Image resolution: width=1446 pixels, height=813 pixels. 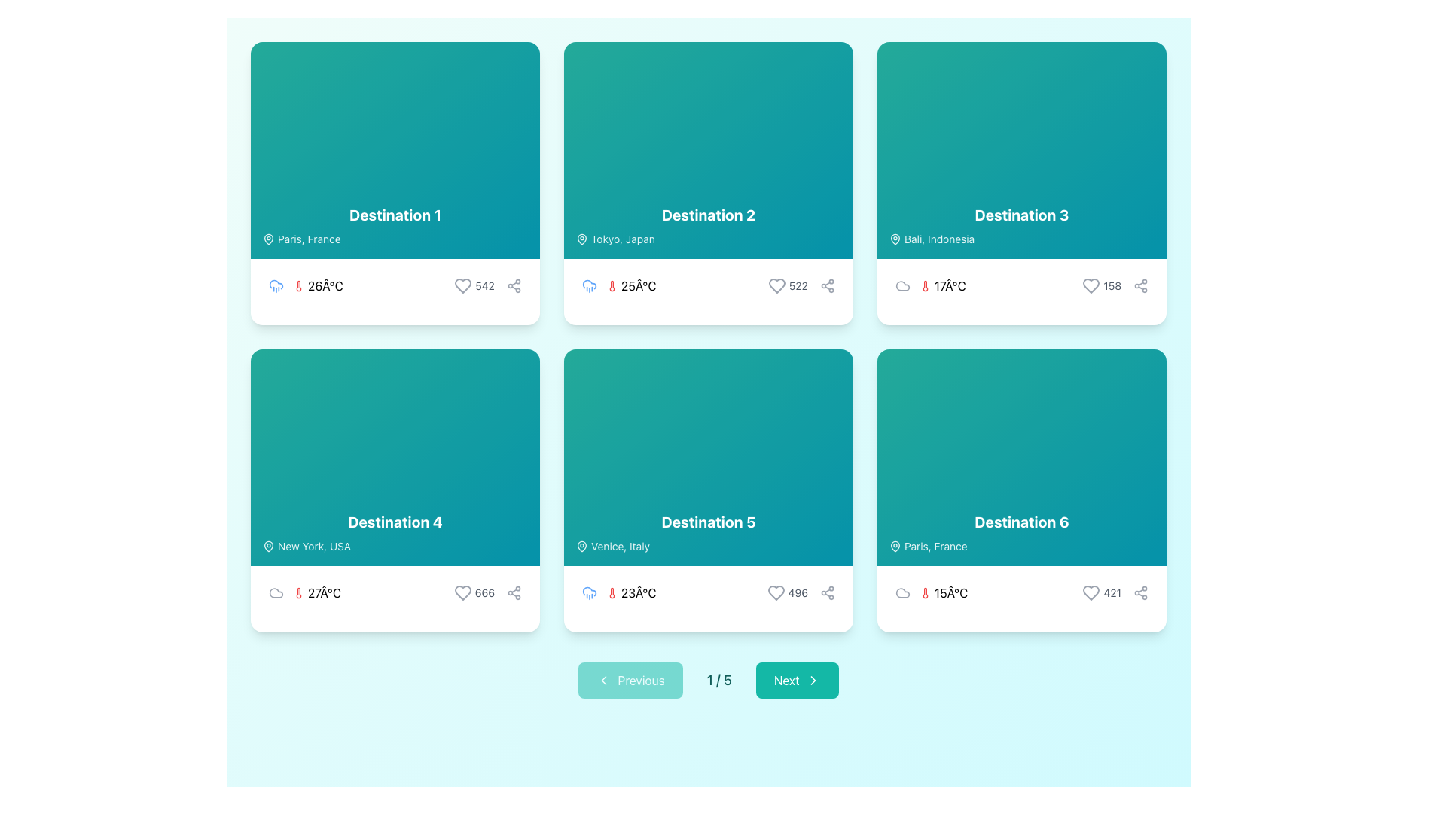 I want to click on the share button located in the bottom-right corner of the 'Destination 2' card to observe the color change transition, so click(x=827, y=286).